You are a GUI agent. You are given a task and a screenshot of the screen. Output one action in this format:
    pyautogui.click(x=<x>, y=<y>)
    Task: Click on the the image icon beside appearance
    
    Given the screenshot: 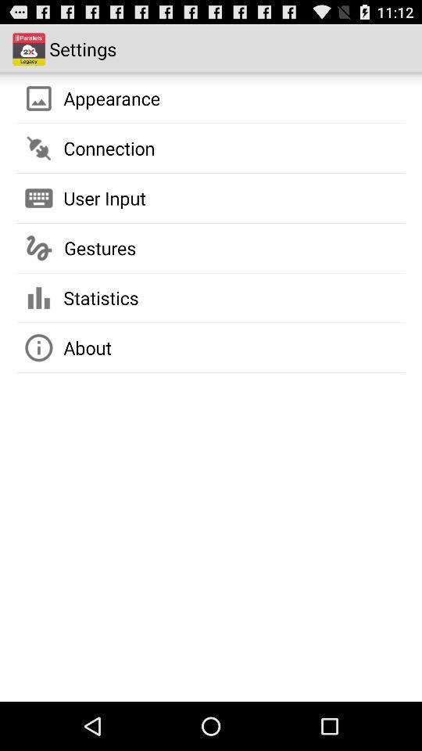 What is the action you would take?
    pyautogui.click(x=39, y=98)
    